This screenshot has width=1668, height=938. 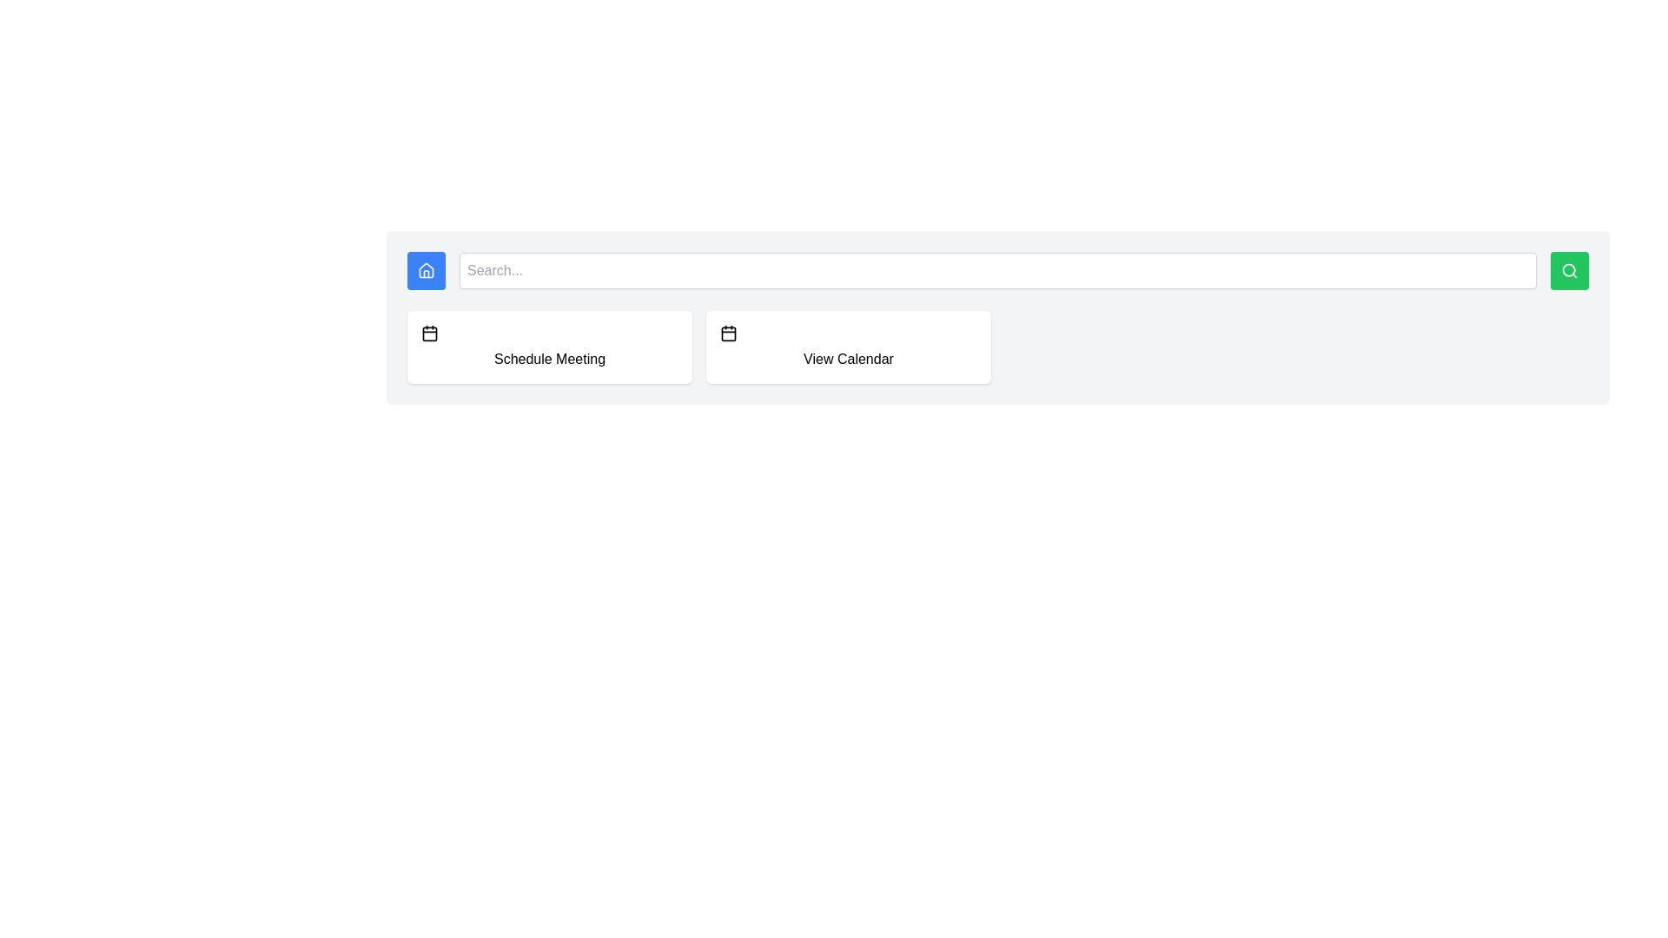 What do you see at coordinates (549, 347) in the screenshot?
I see `the scheduling meeting button located on the left side of the grid layout` at bounding box center [549, 347].